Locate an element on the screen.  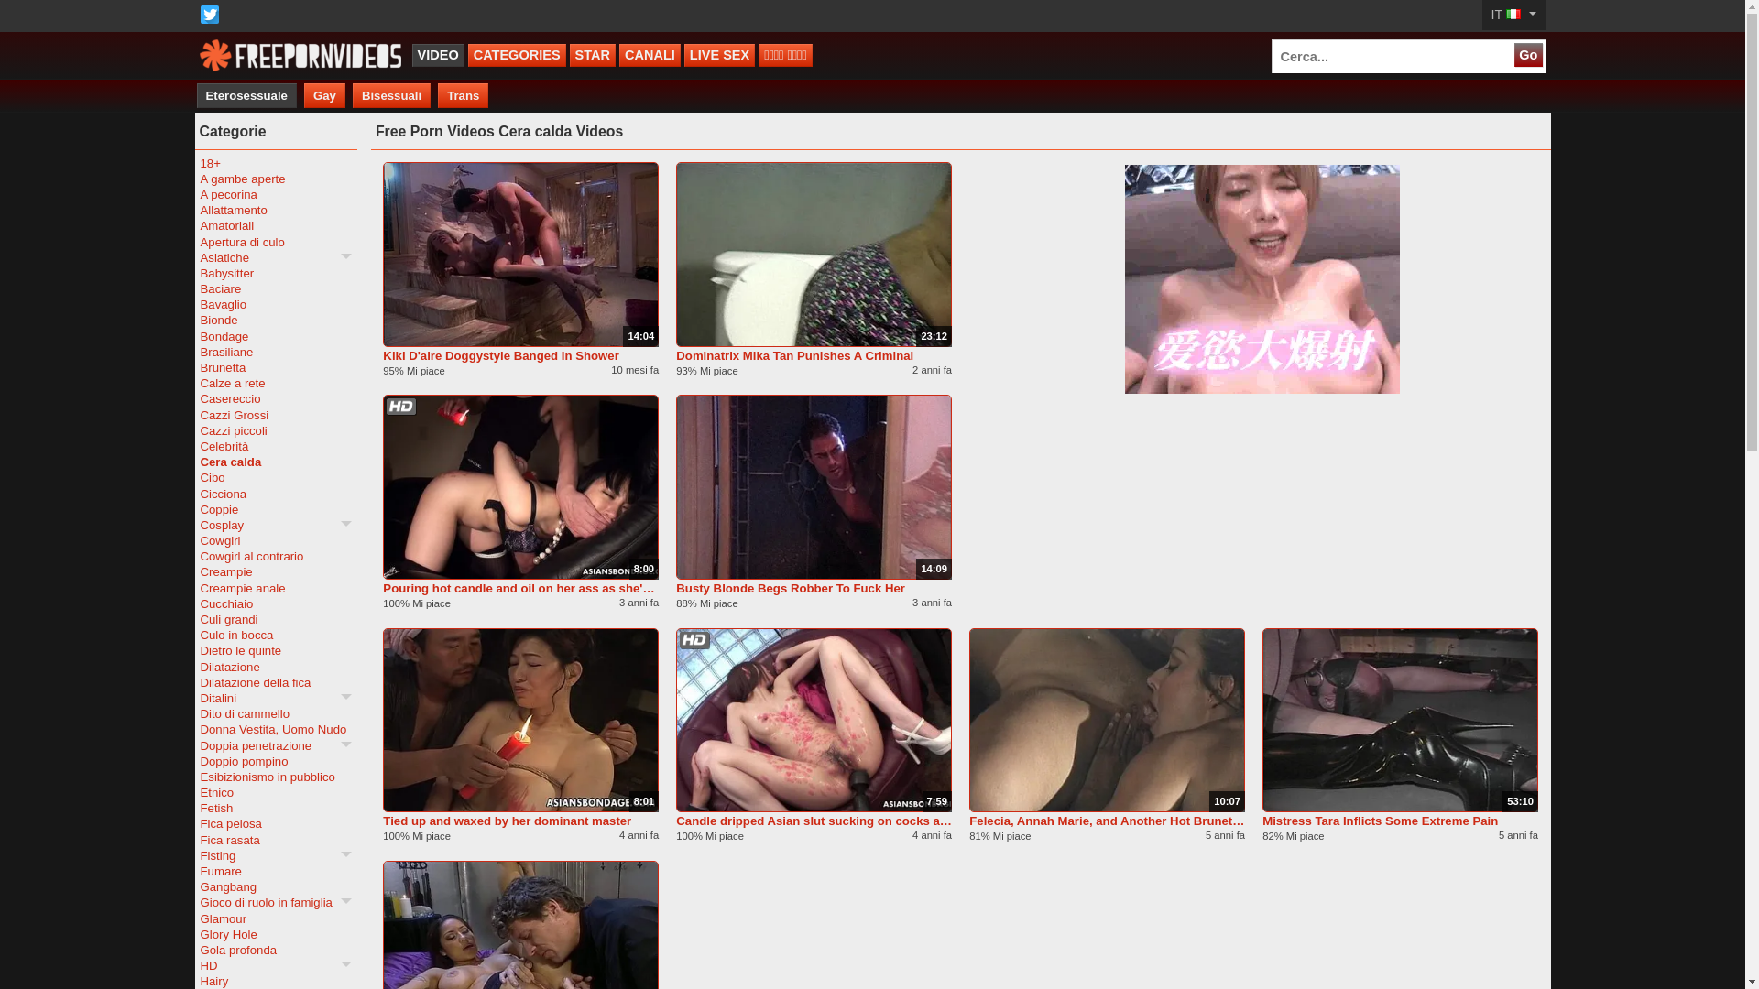
'Ditalini' is located at coordinates (275, 698).